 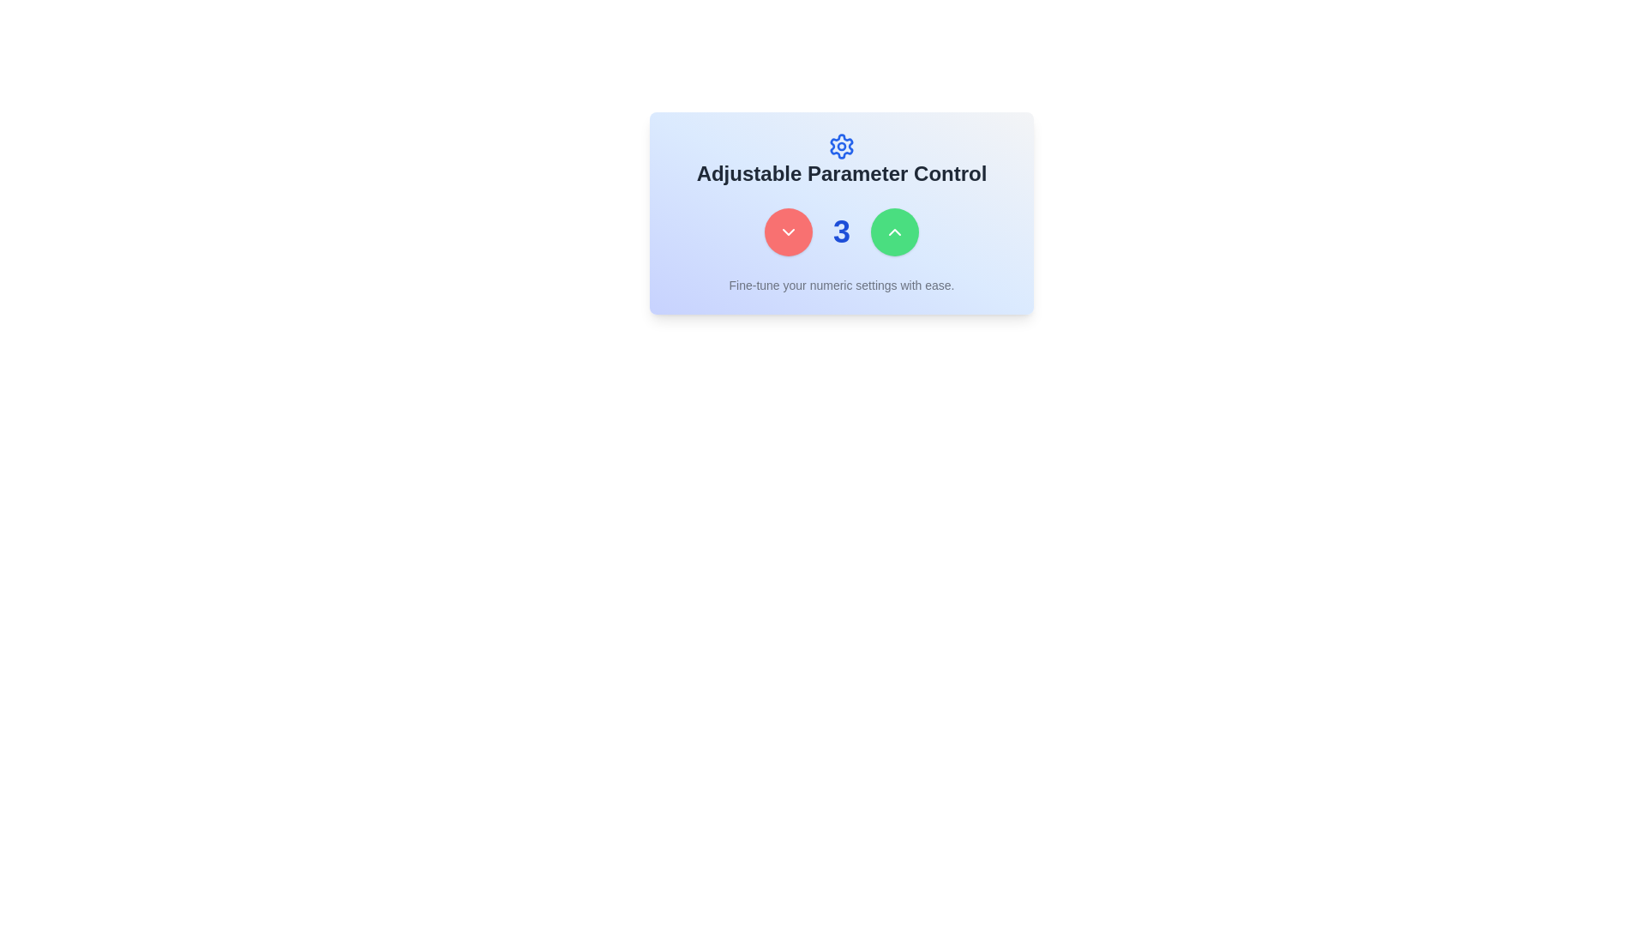 I want to click on the static text displaying the current numerical value in the numeric adjustment widget, which is centrally located between a red decrement button and a green increment button, below the header labeled 'Adjustable Parameter Control', so click(x=842, y=231).